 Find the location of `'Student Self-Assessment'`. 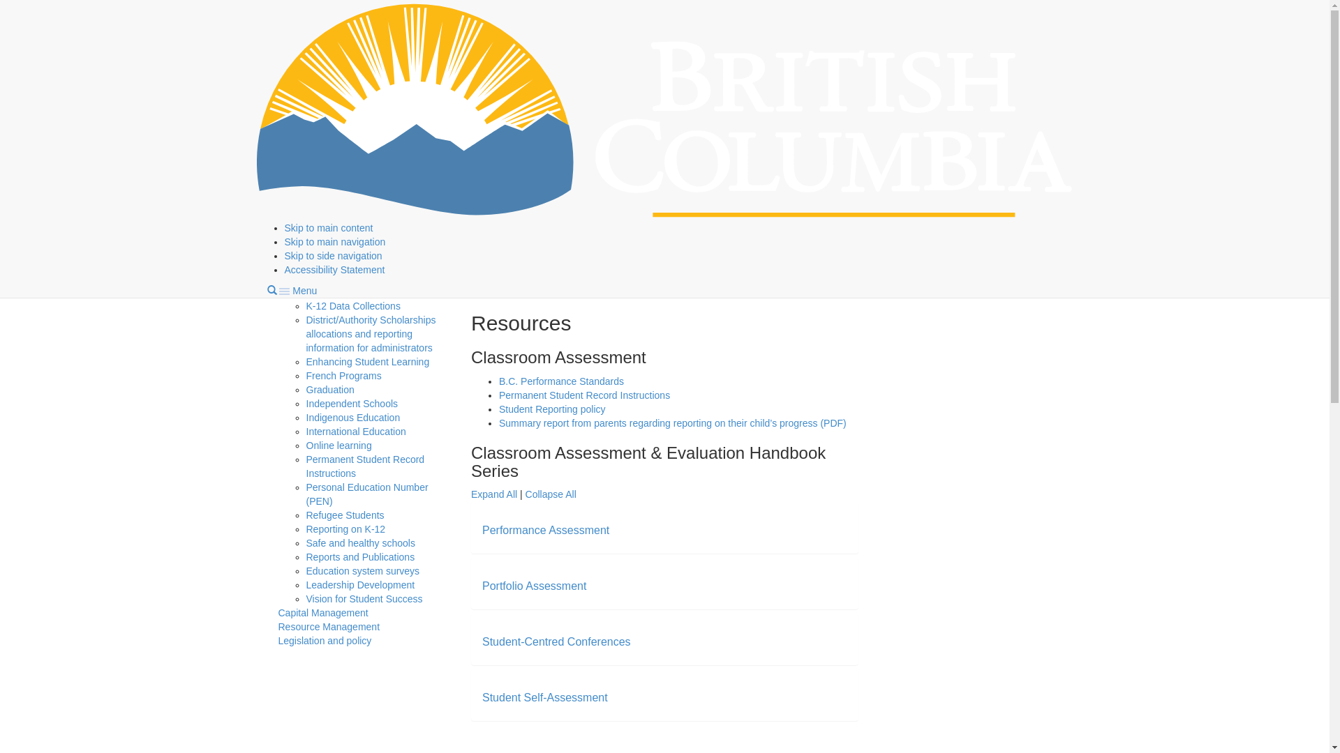

'Student Self-Assessment' is located at coordinates (544, 697).